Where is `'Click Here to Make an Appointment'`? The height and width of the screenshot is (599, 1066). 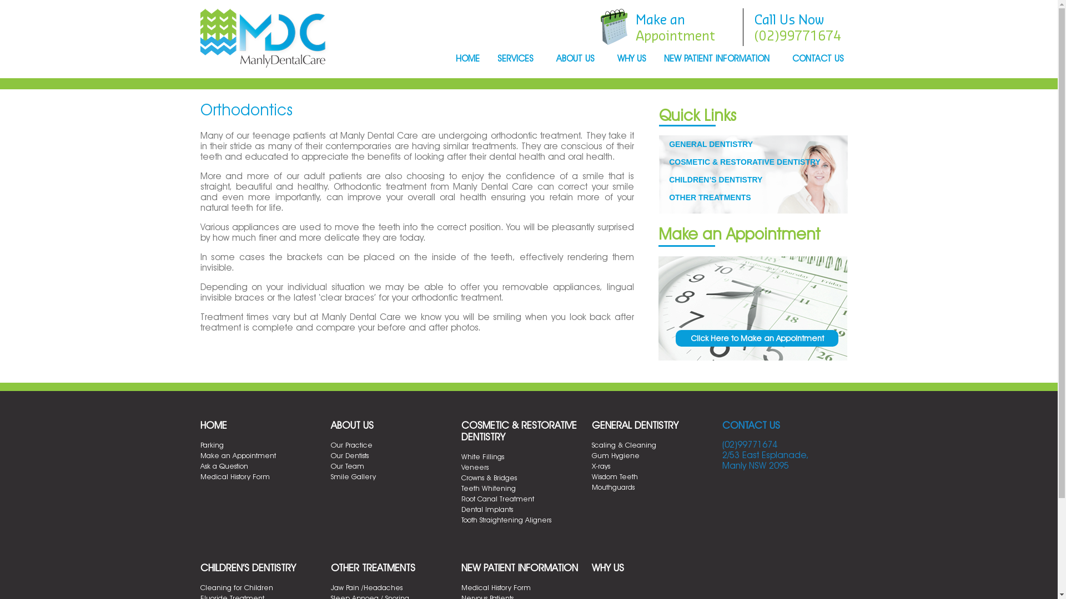
'Click Here to Make an Appointment' is located at coordinates (756, 337).